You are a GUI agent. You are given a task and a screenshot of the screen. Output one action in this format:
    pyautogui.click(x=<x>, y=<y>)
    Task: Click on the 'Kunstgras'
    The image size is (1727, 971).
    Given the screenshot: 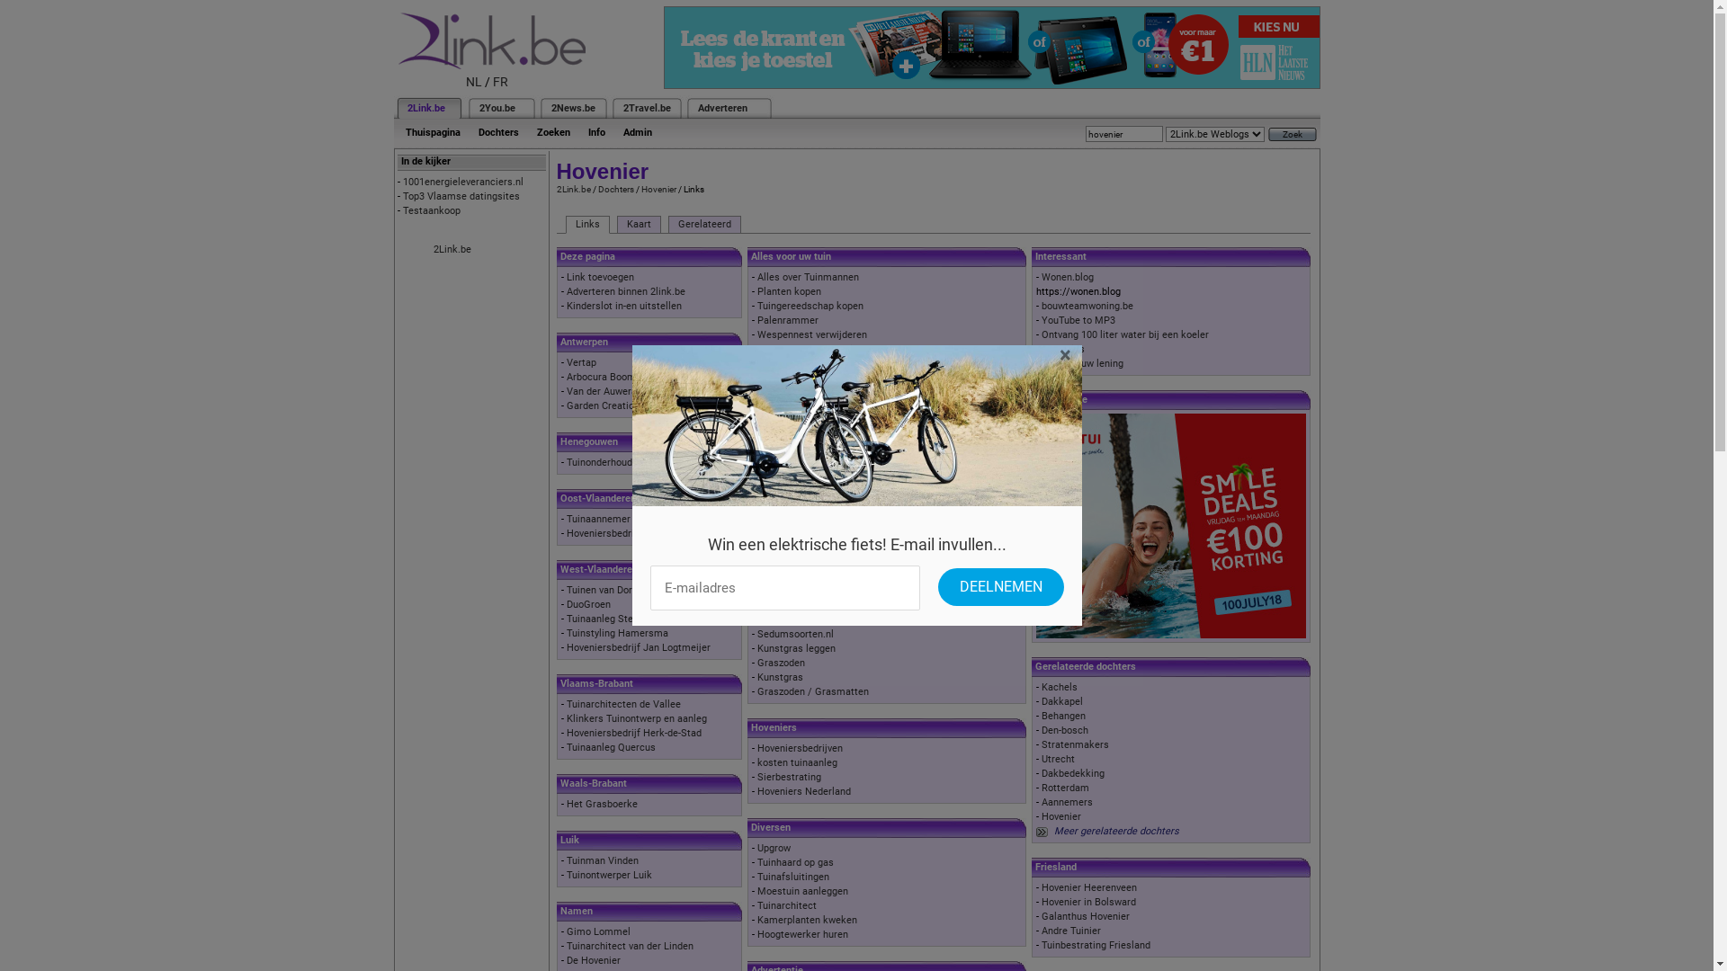 What is the action you would take?
    pyautogui.click(x=780, y=677)
    